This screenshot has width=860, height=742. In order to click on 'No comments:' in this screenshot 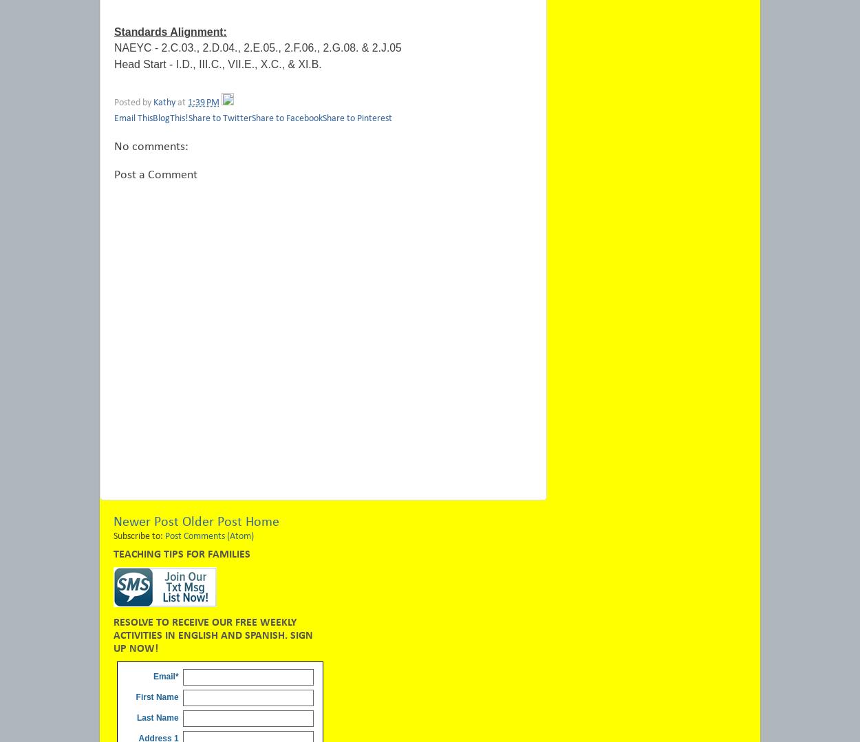, I will do `click(151, 147)`.